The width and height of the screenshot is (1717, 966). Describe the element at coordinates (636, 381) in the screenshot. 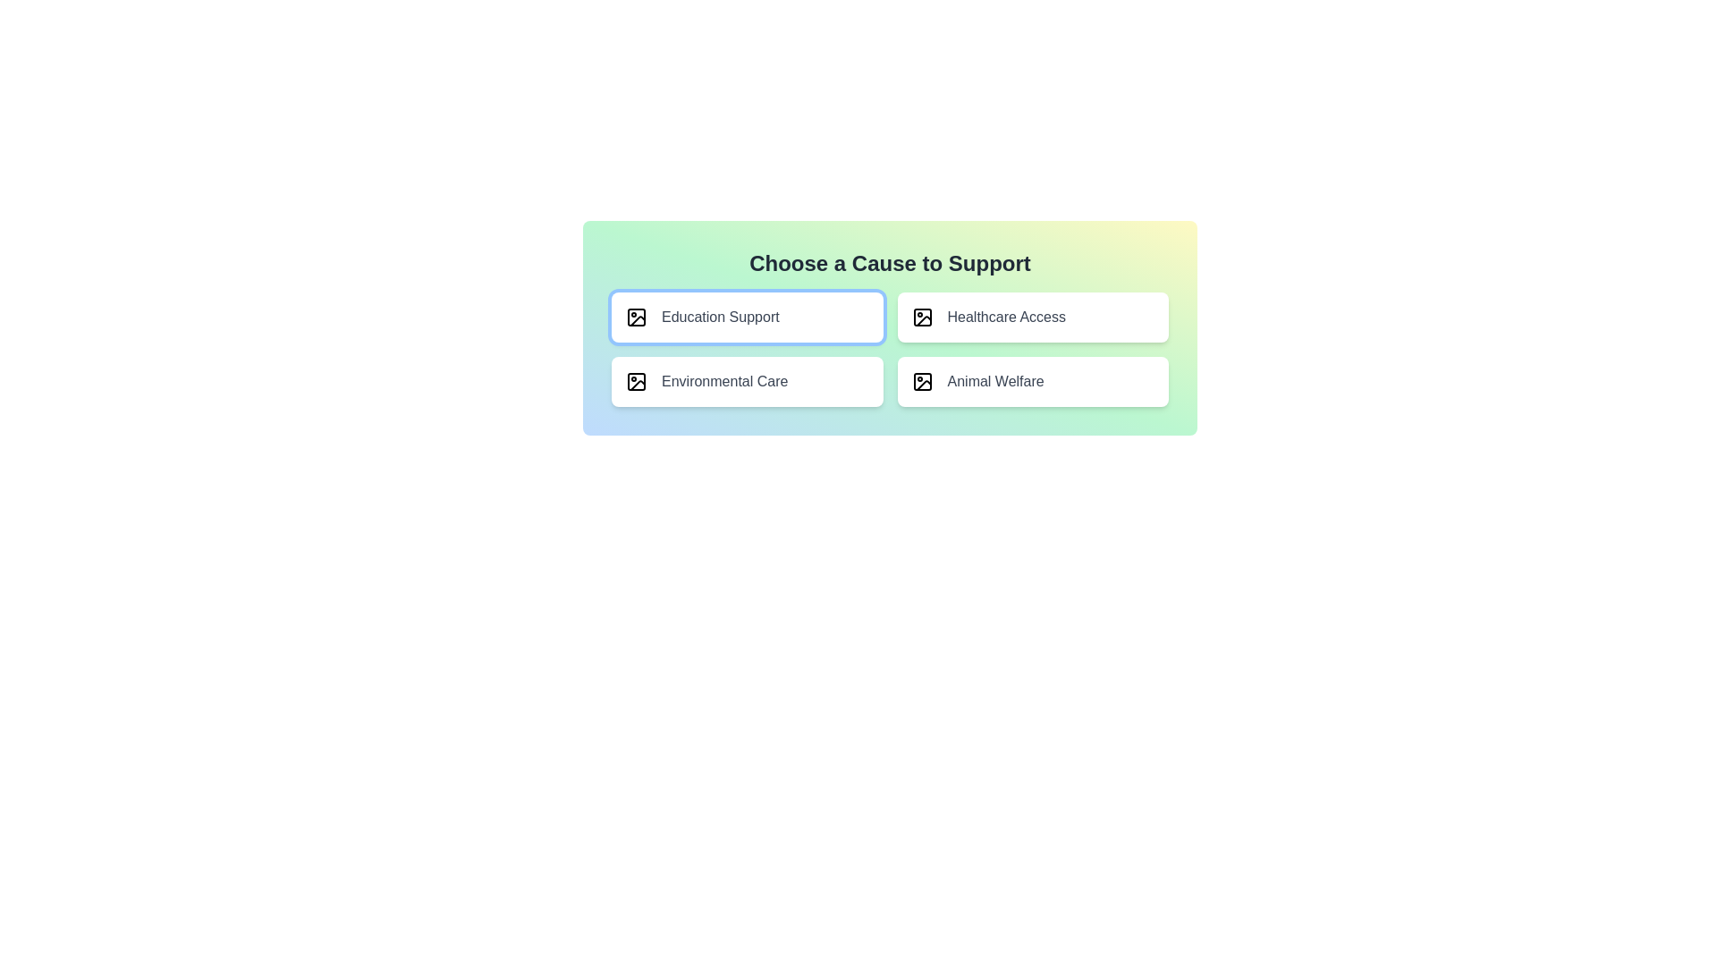

I see `the rounded rectangle image placeholder icon located in the lower left section of the 'Environmental Care' button` at that location.